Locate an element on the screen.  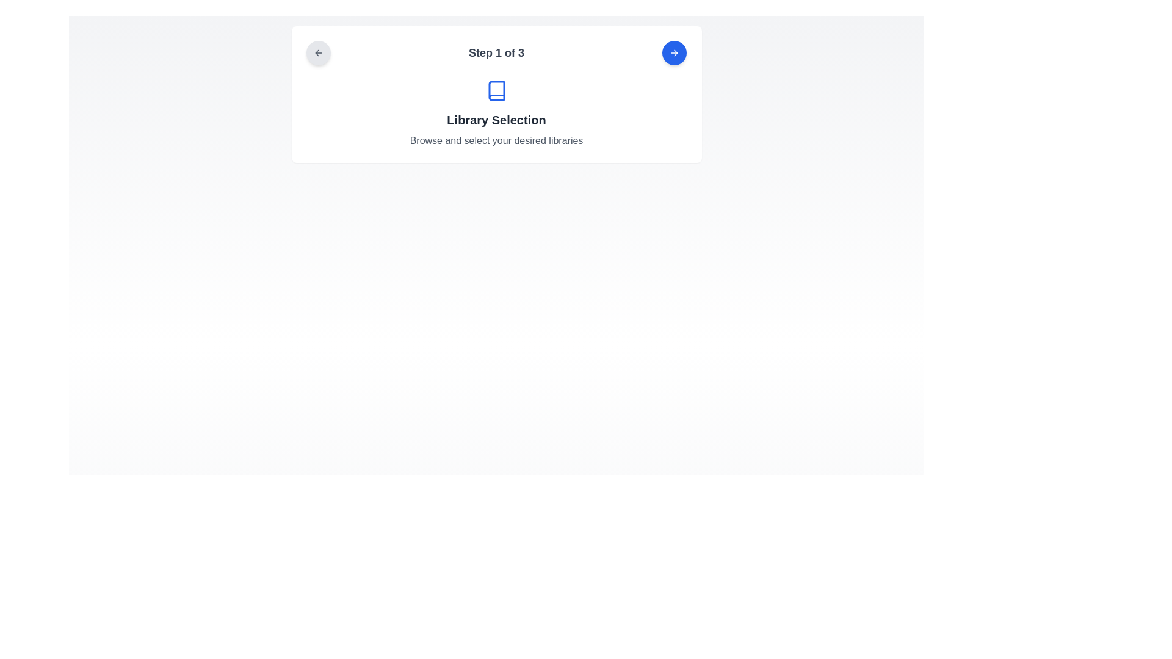
the text element styled with a gray font that reads 'Browse and select your desired libraries', positioned below the title 'Library Selection' is located at coordinates (496, 140).